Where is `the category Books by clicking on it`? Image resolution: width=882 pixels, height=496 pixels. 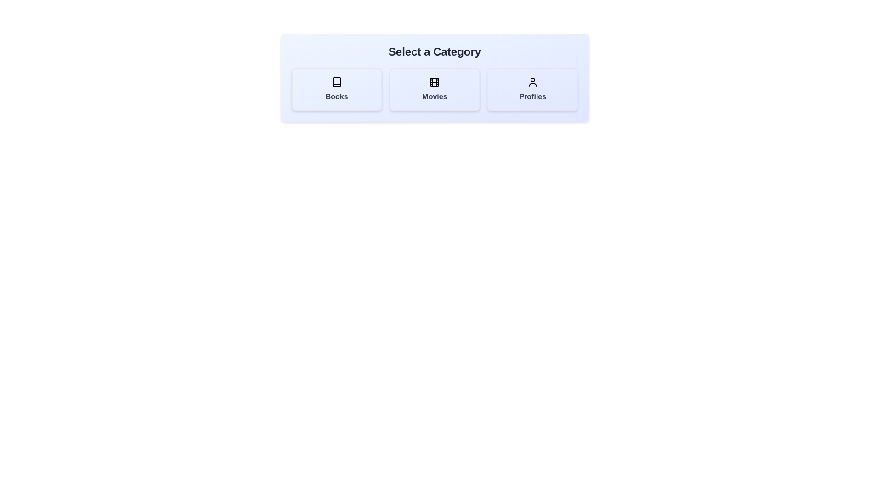
the category Books by clicking on it is located at coordinates (336, 90).